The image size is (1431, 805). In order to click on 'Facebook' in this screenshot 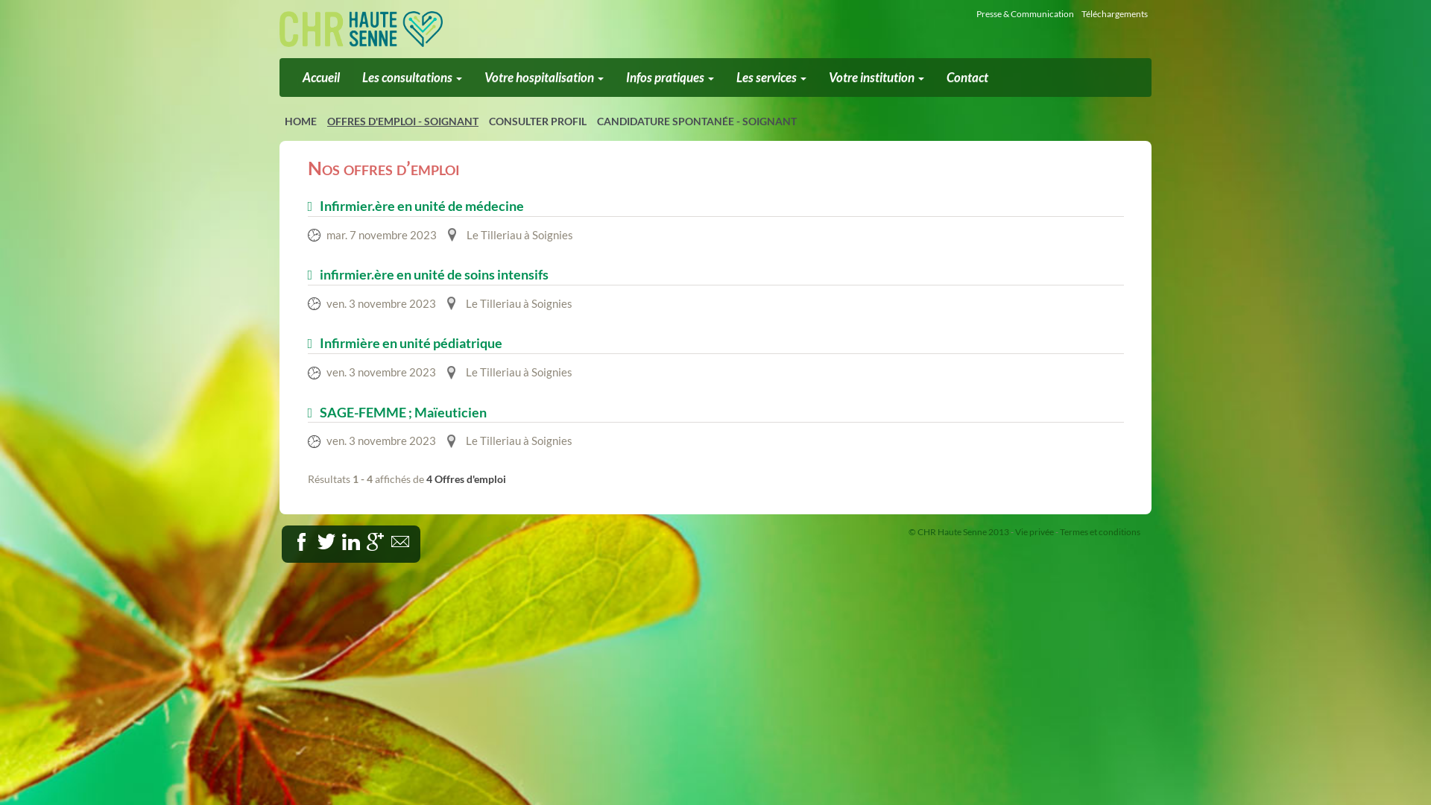, I will do `click(316, 538)`.